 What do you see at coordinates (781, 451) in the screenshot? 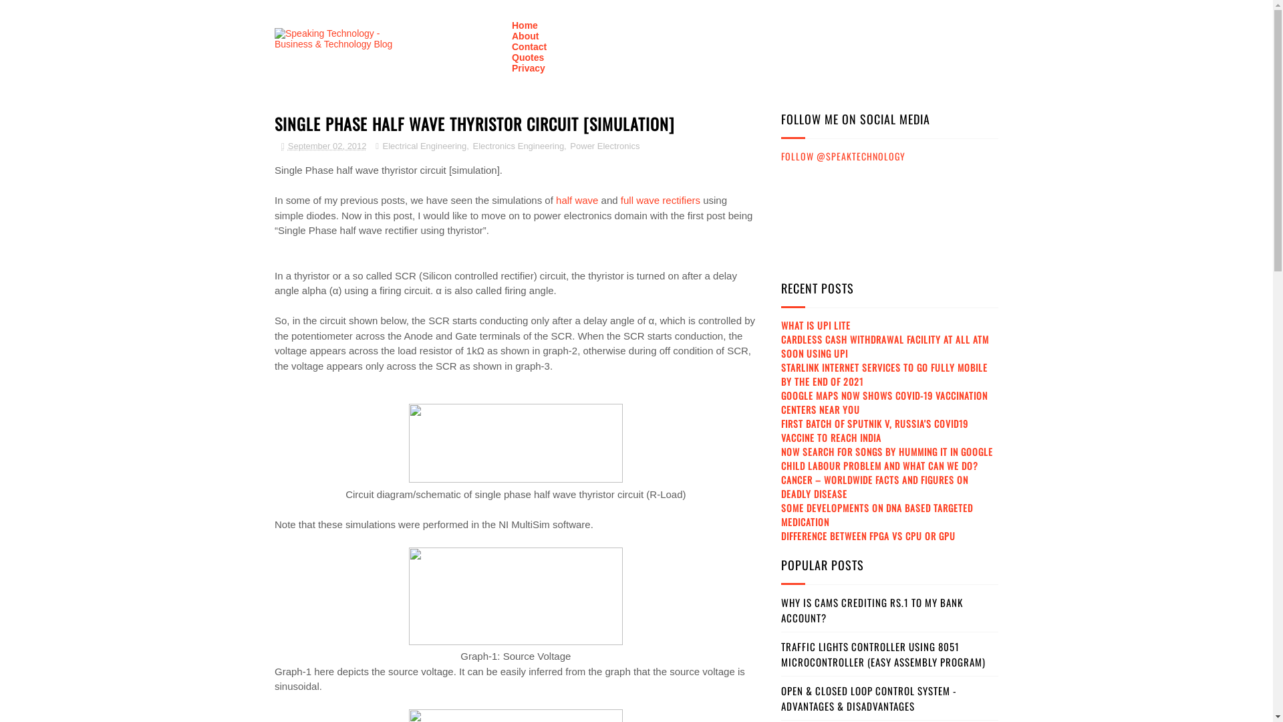
I see `'NOW SEARCH FOR SONGS BY HUMMING IT IN GOOGLE'` at bounding box center [781, 451].